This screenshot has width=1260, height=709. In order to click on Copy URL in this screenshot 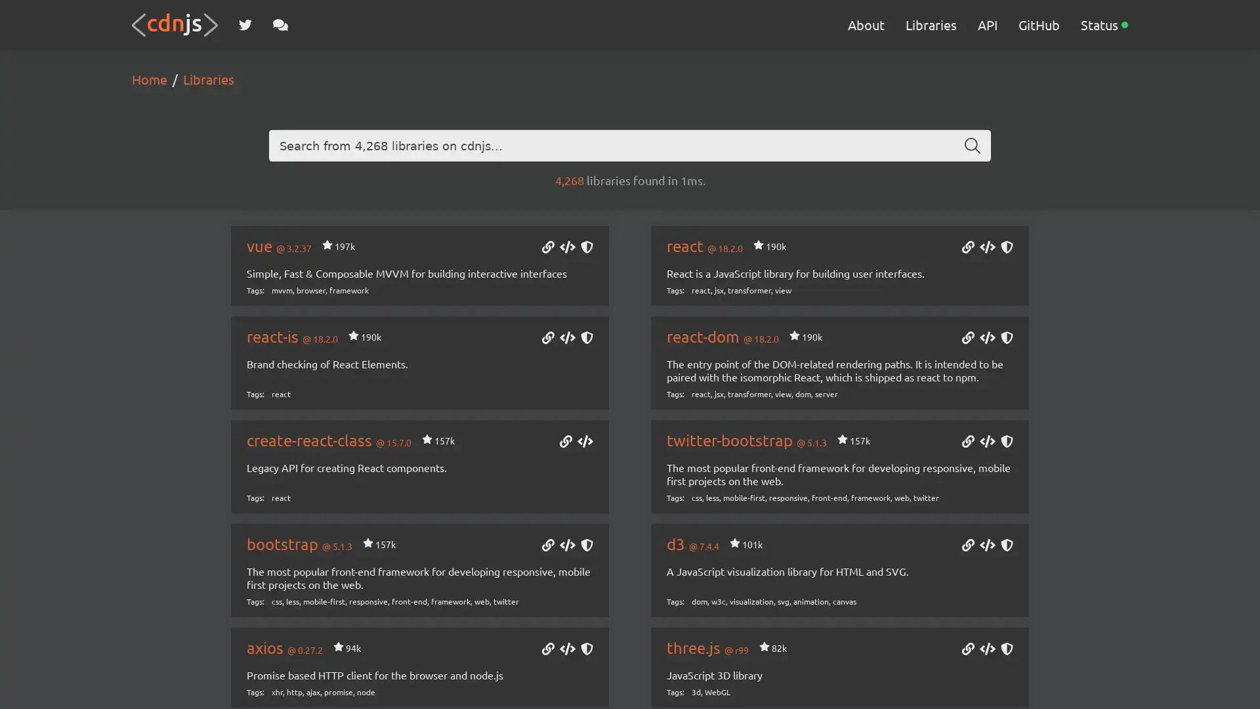, I will do `click(967, 338)`.